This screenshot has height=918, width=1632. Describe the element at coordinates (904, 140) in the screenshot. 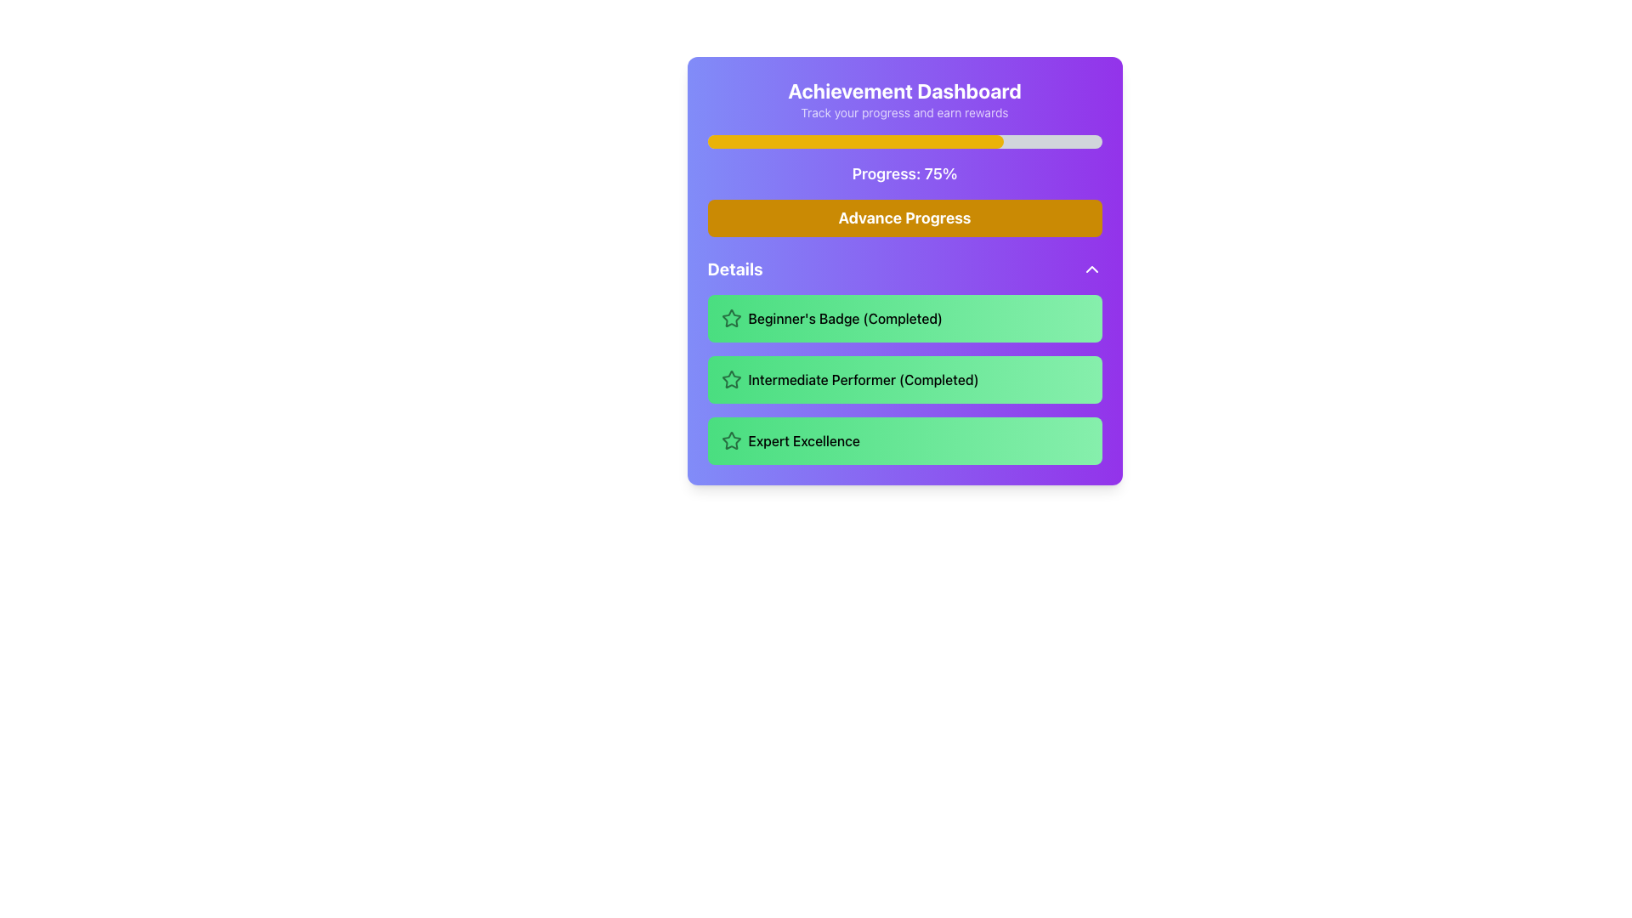

I see `the progress bar indicating 75% completion in the Achievement Dashboard card` at that location.